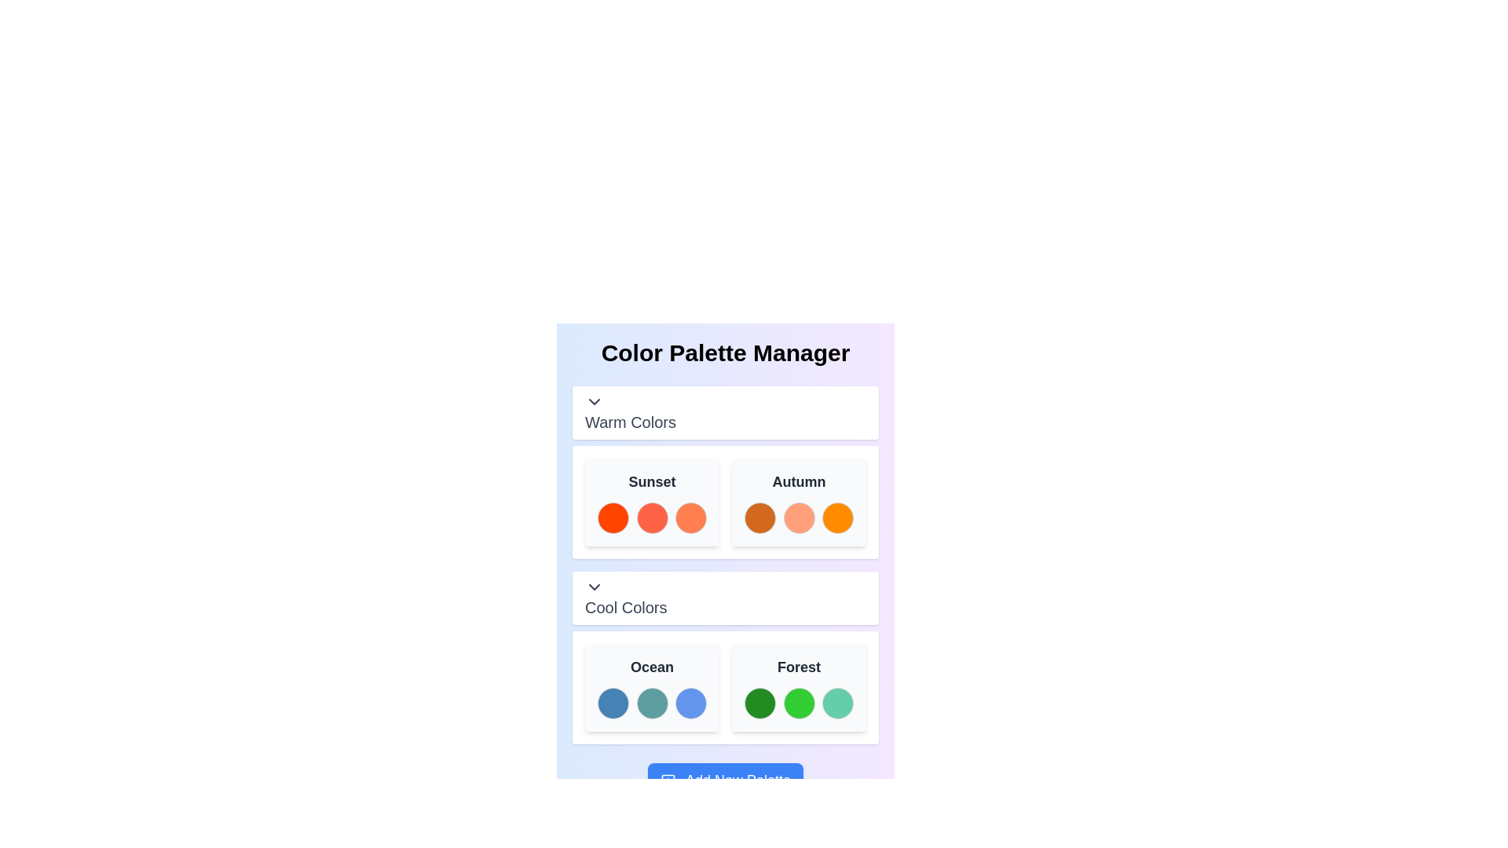 This screenshot has height=848, width=1508. What do you see at coordinates (836, 702) in the screenshot?
I see `the Color option button, which is the third circular button in the horizontal row under the 'Forest' color section in the 'Cool Colors' group` at bounding box center [836, 702].